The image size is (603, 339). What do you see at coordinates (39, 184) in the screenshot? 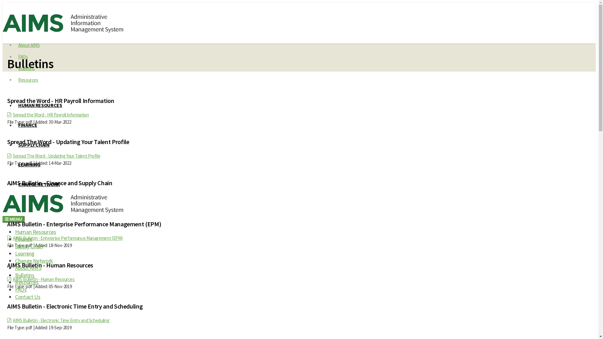
I see `'CHANGE NETWORK'` at bounding box center [39, 184].